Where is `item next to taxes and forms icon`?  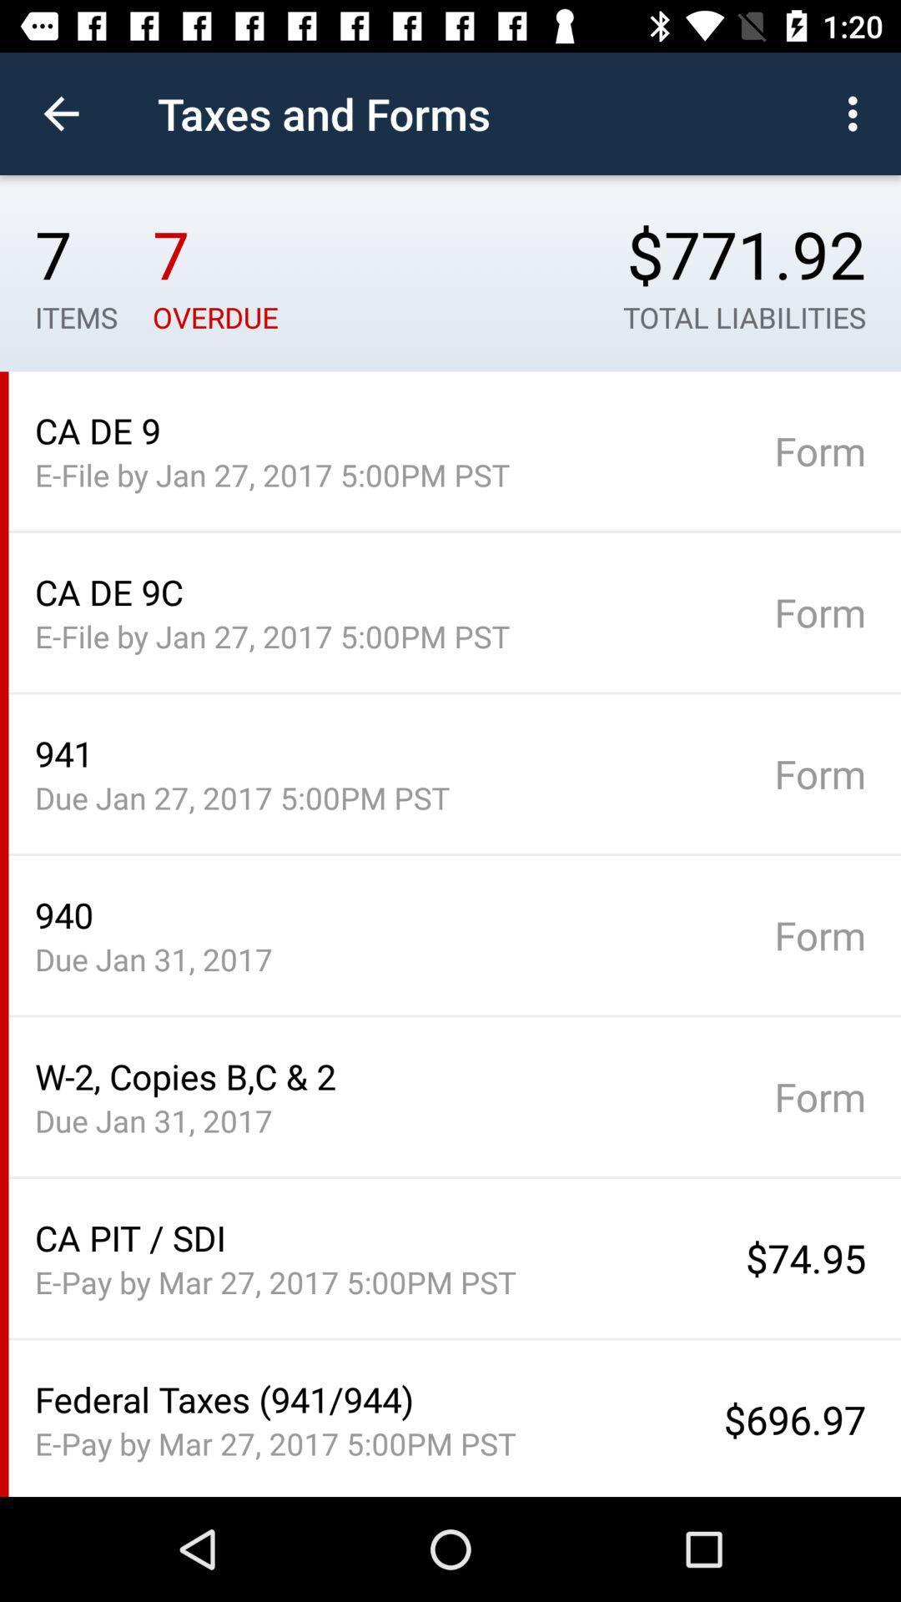 item next to taxes and forms icon is located at coordinates (857, 113).